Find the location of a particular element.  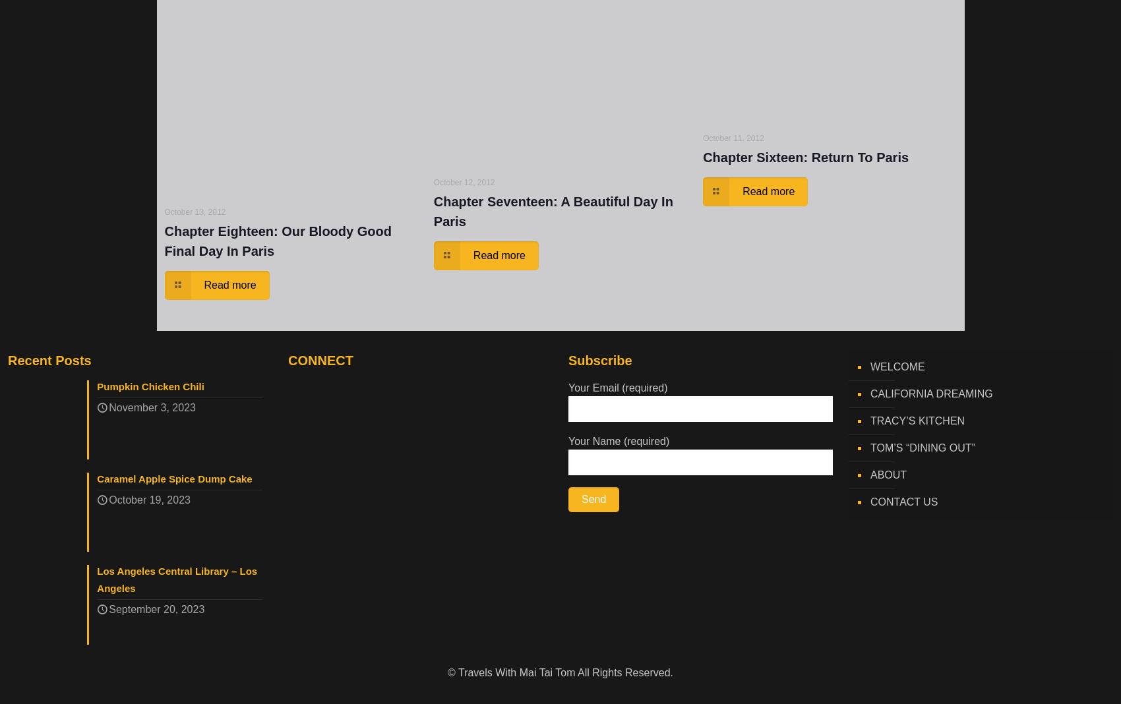

'October 19, 2023' is located at coordinates (149, 500).